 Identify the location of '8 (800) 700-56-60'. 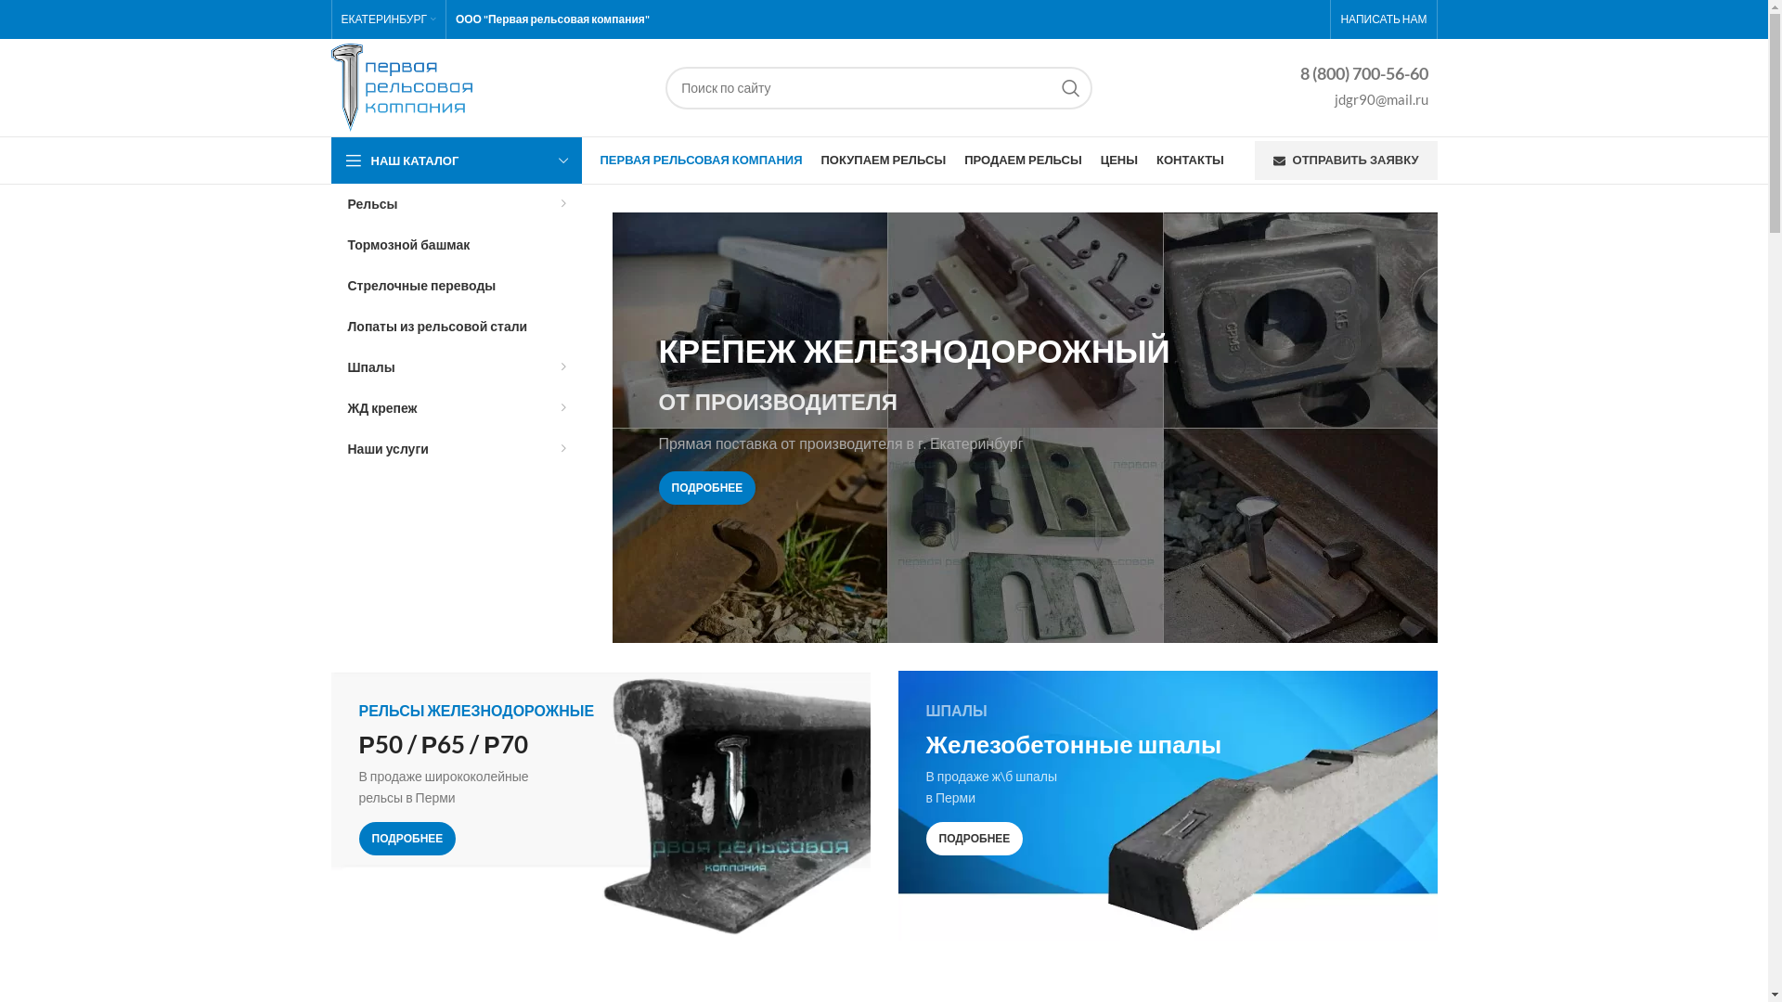
(1362, 77).